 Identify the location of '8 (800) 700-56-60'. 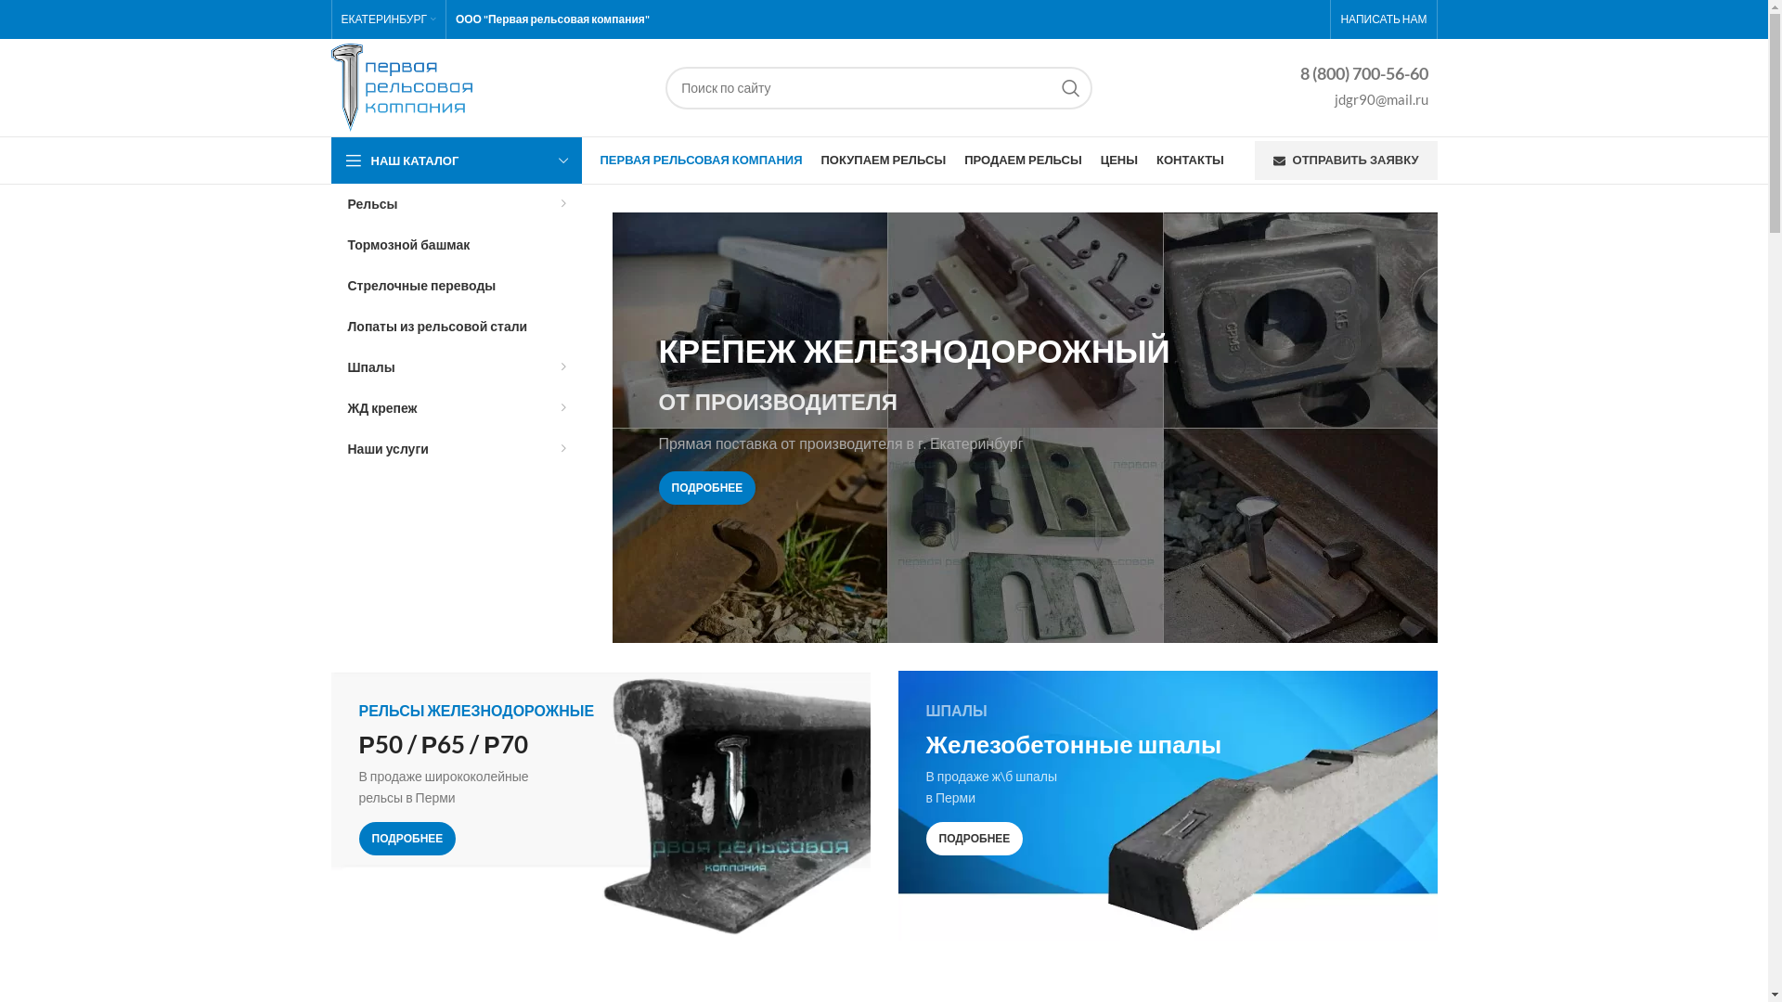
(1362, 77).